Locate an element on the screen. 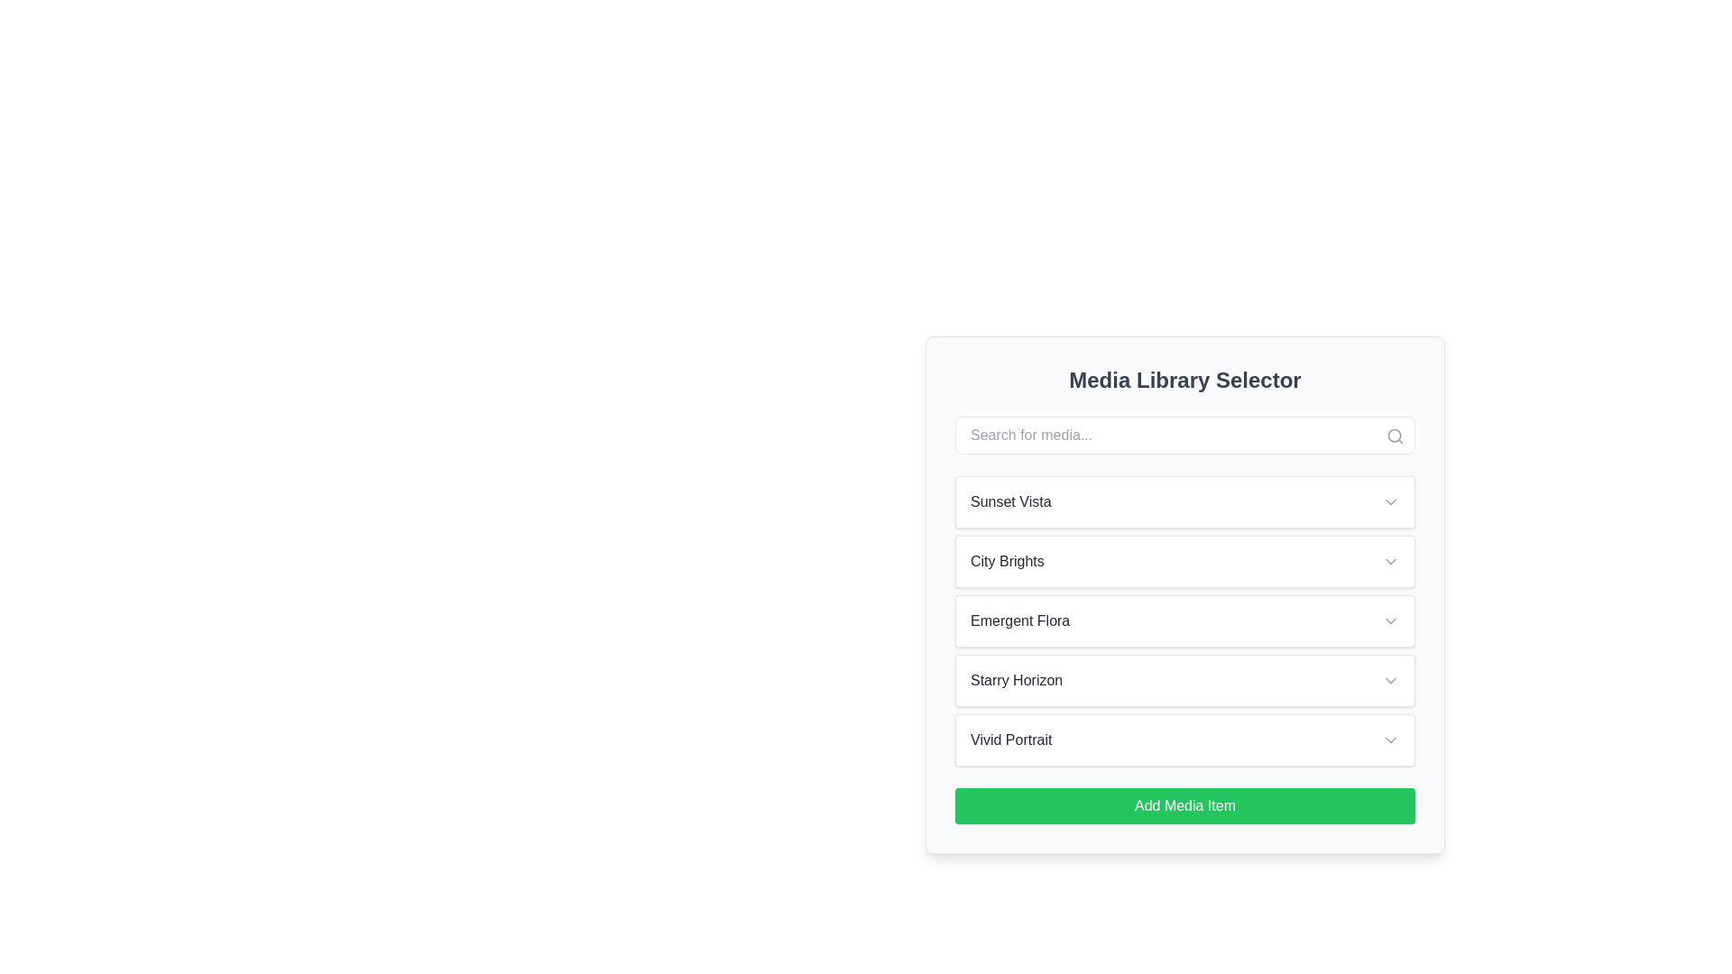  the downward-facing chevron icon located at the far right of the 'Emergent Flora' row is located at coordinates (1389, 620).